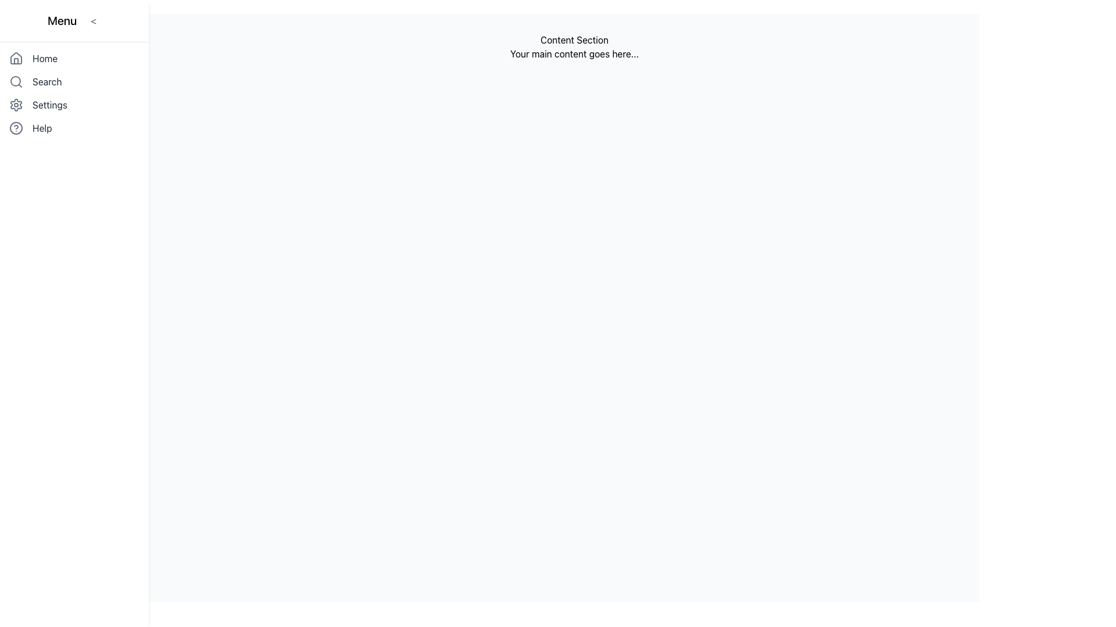  What do you see at coordinates (16, 61) in the screenshot?
I see `the lower part of the 'Home' icon graphic, which is a small vector graphic inside a hollow house icon` at bounding box center [16, 61].